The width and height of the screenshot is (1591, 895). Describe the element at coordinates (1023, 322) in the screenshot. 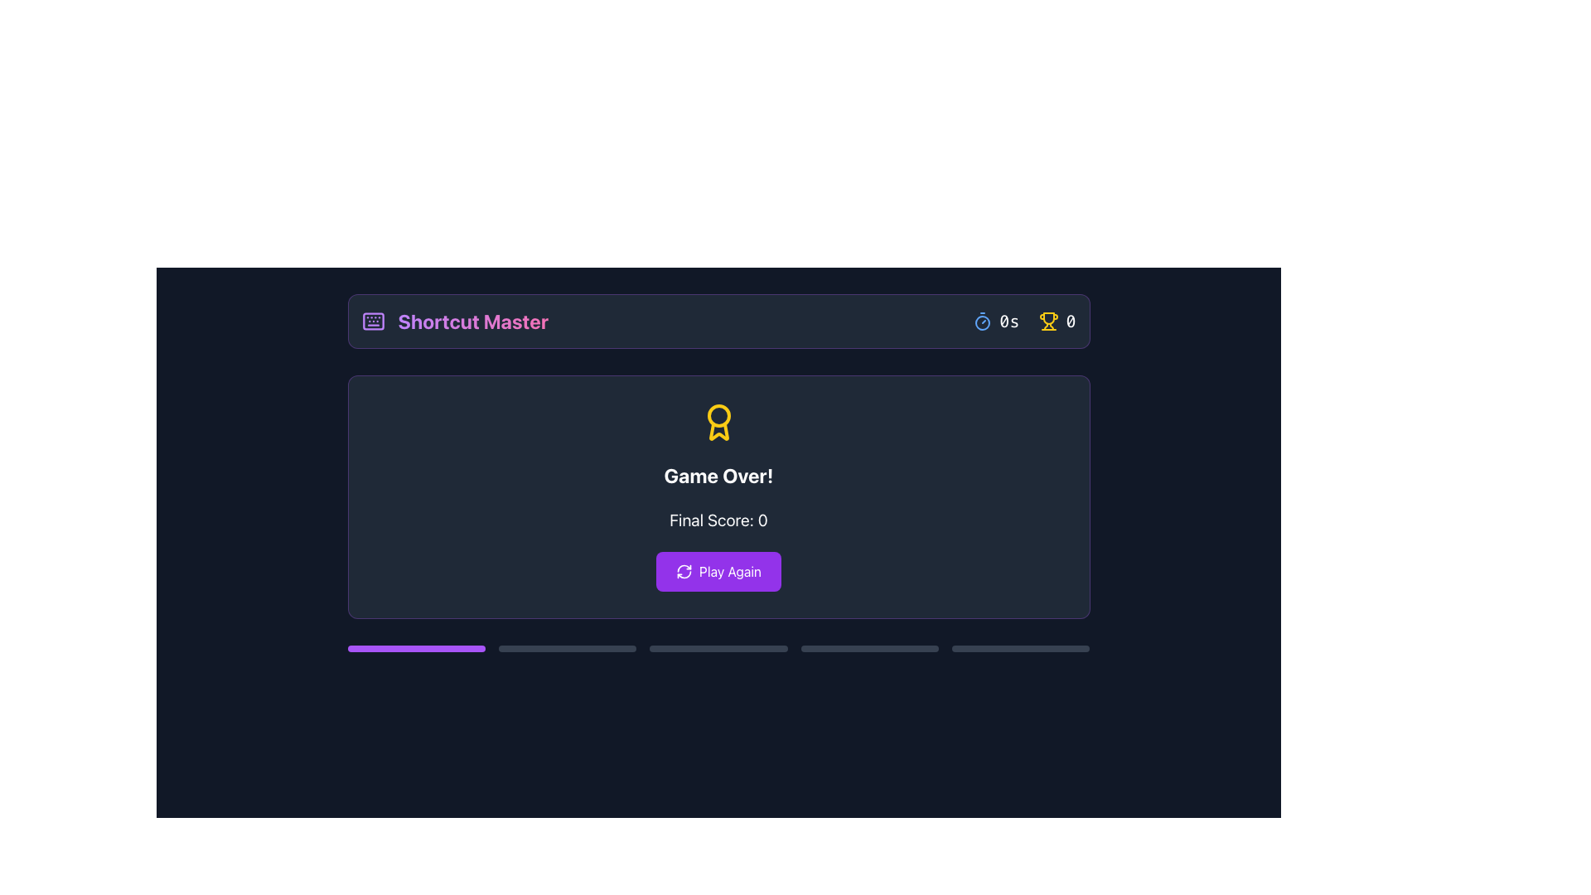

I see `tooltips of the icons in the status display component, which includes a blue stopwatch icon and a yellow trophy icon, located in the top-right section of the application's header` at that location.